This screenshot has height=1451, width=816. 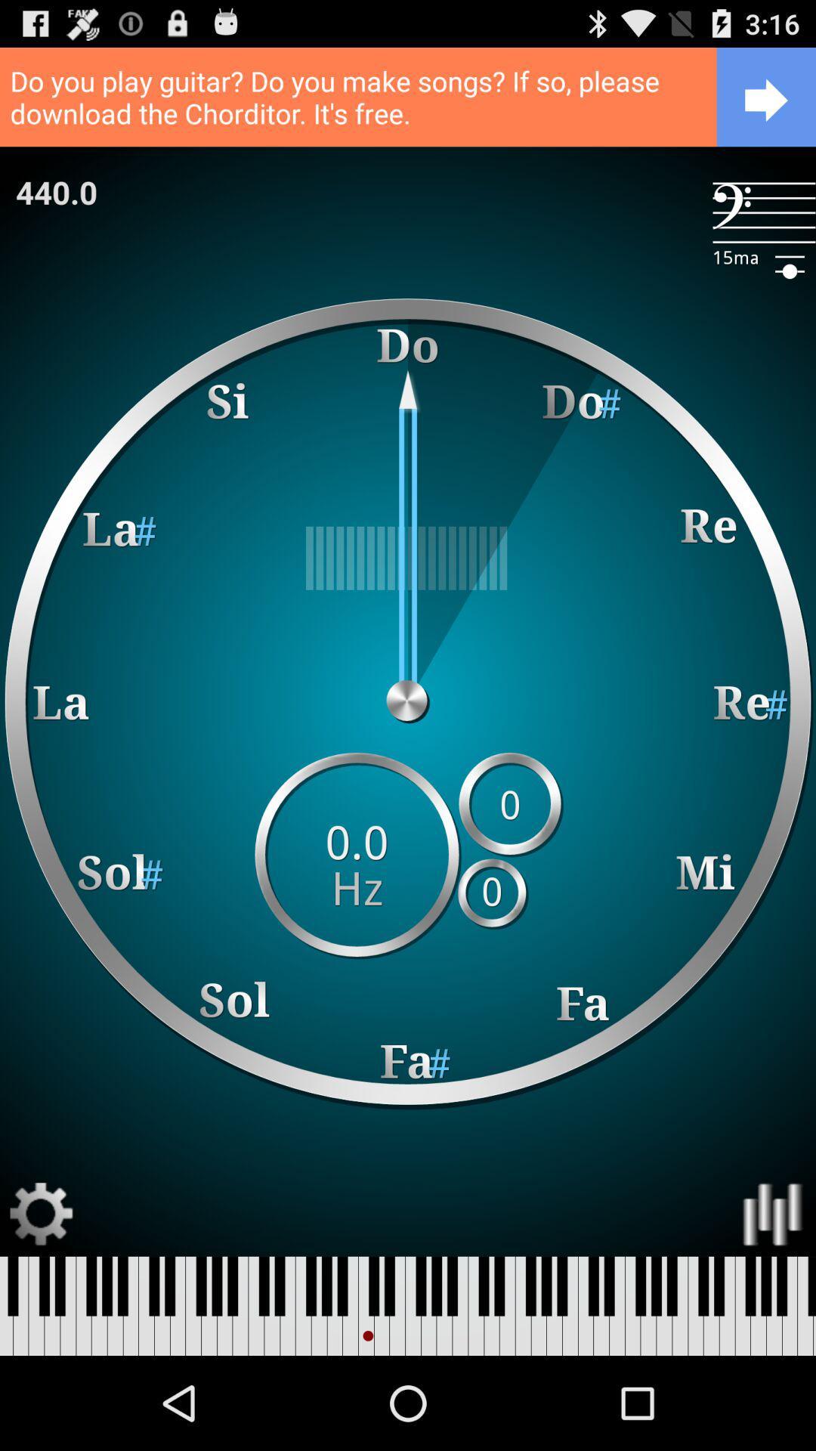 What do you see at coordinates (41, 1299) in the screenshot?
I see `the settings icon` at bounding box center [41, 1299].